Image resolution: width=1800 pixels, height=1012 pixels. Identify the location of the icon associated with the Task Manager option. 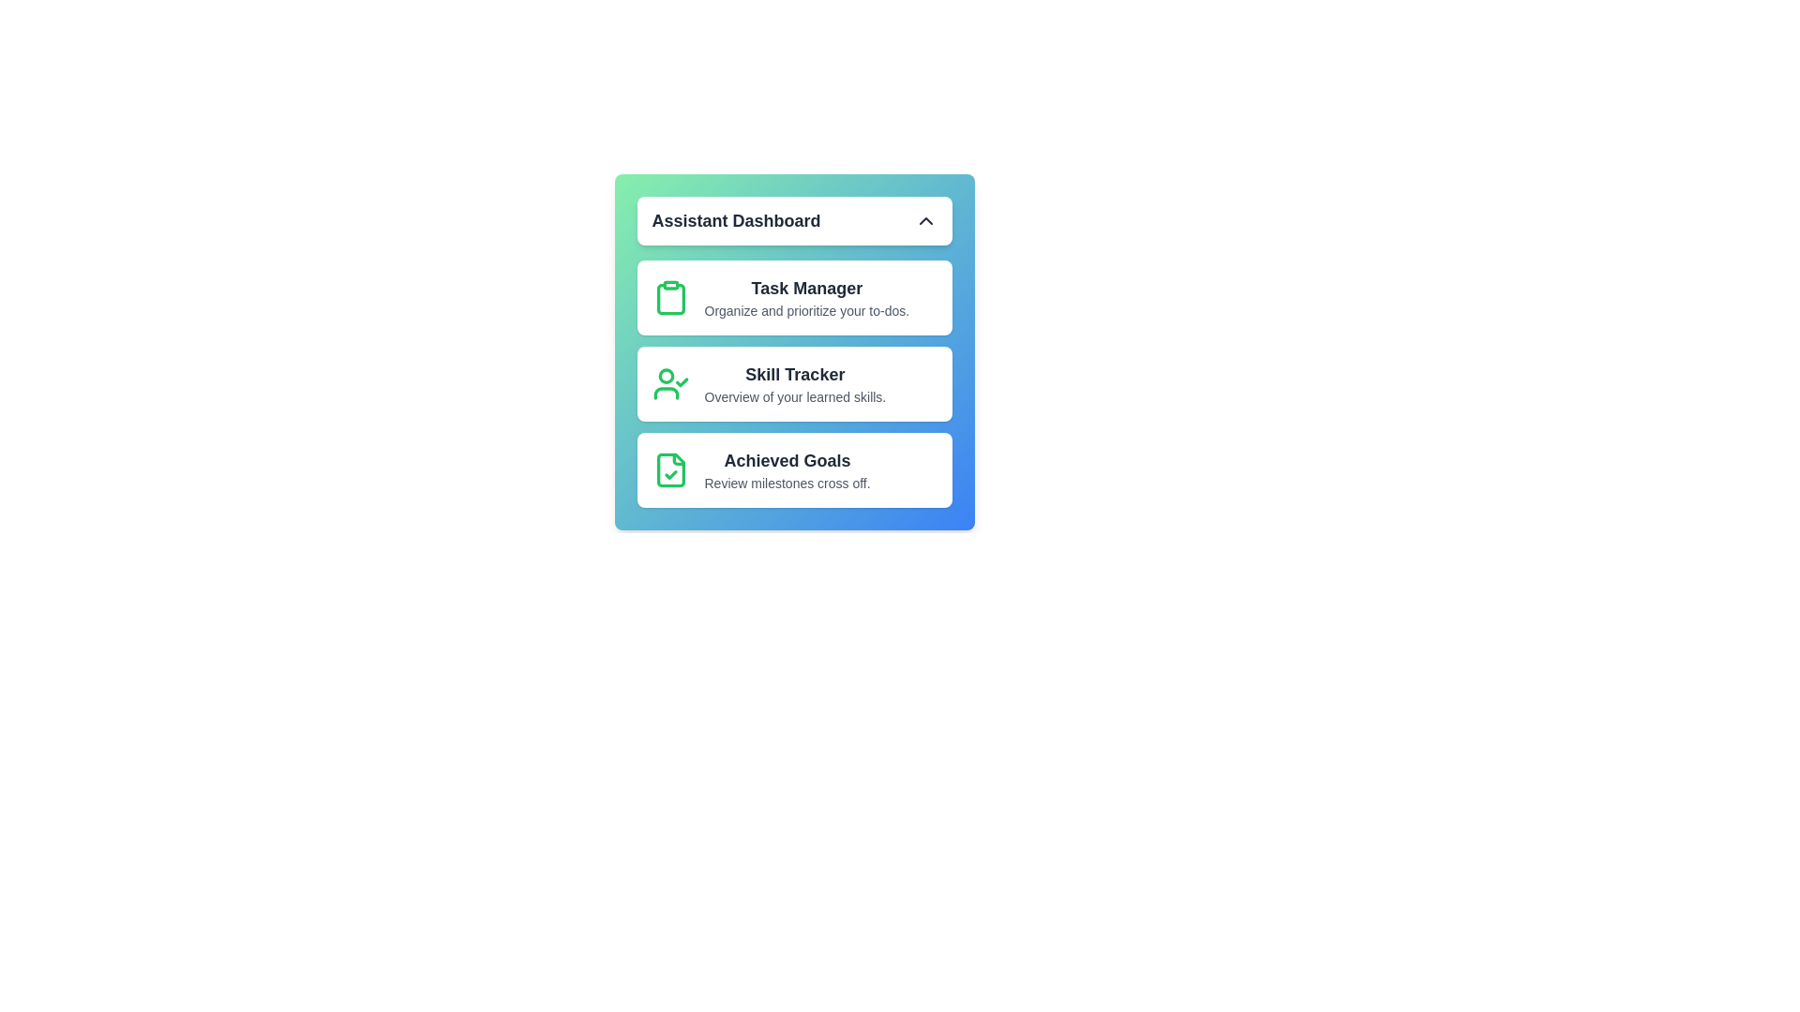
(670, 296).